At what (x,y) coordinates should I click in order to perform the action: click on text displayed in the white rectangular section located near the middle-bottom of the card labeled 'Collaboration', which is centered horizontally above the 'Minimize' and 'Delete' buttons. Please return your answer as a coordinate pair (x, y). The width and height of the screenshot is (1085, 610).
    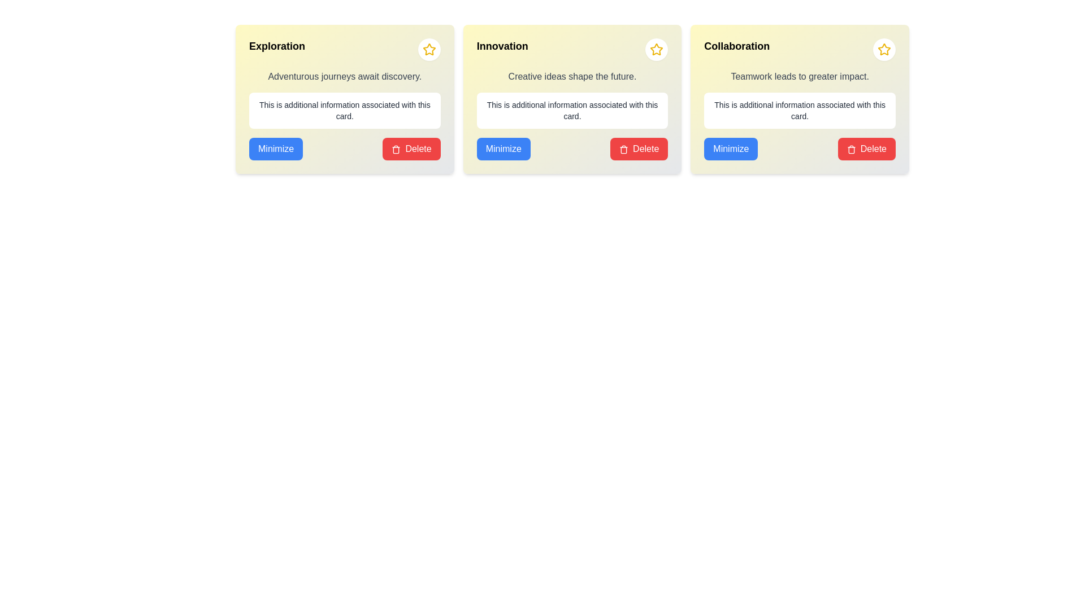
    Looking at the image, I should click on (799, 111).